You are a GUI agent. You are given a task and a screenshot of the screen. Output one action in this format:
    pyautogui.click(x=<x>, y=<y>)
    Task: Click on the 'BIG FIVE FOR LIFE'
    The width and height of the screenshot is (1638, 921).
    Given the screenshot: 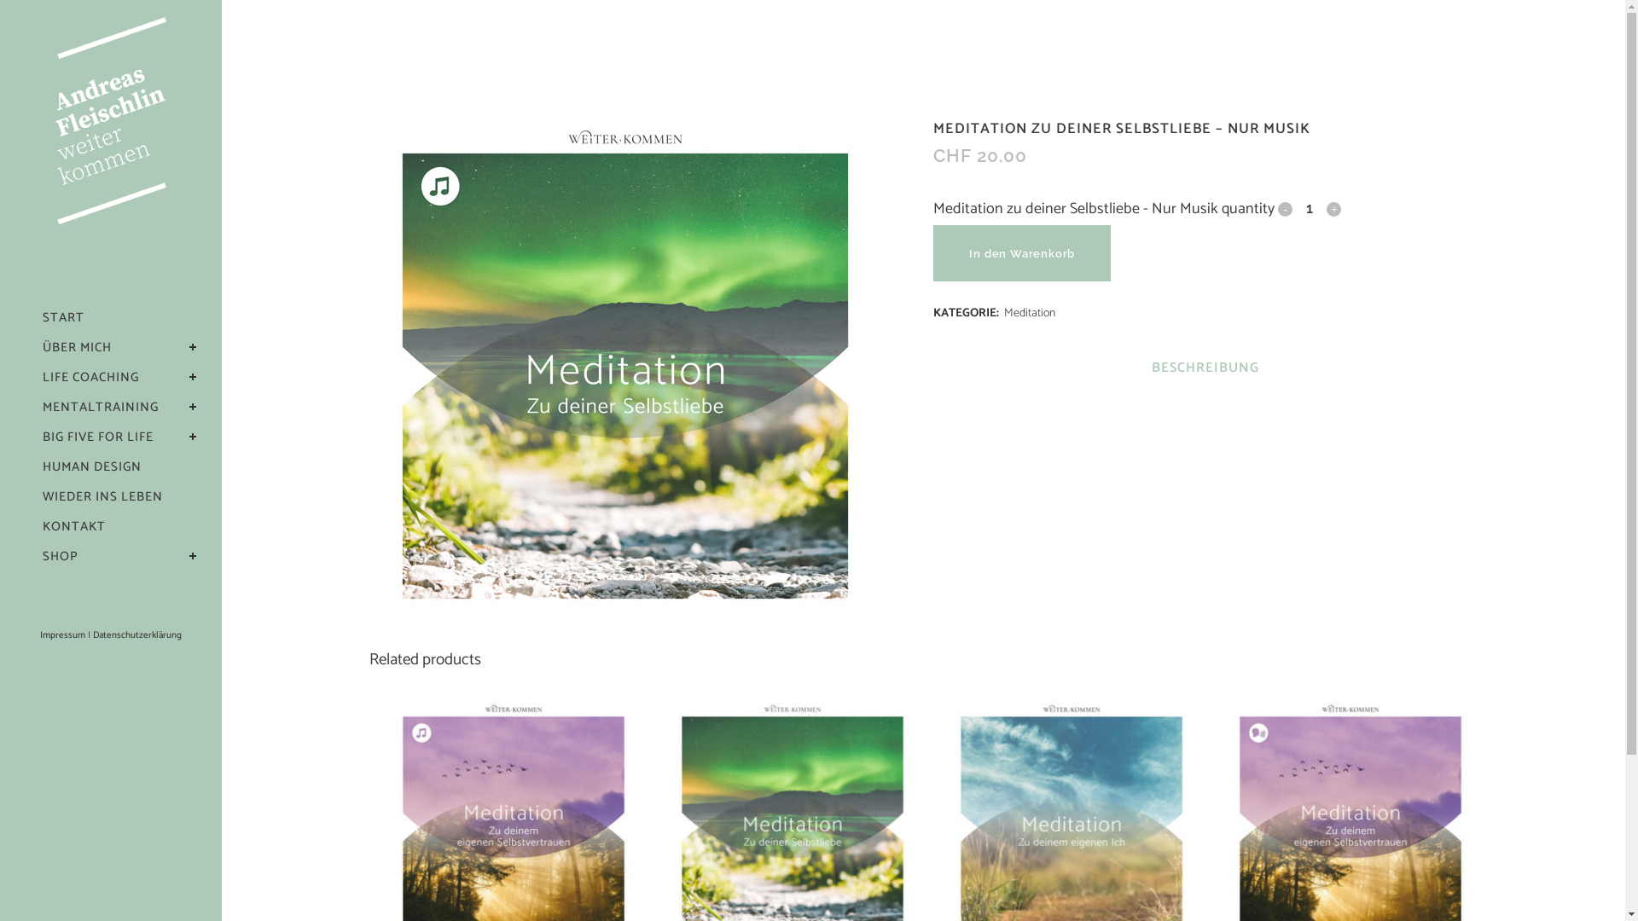 What is the action you would take?
    pyautogui.click(x=42, y=436)
    